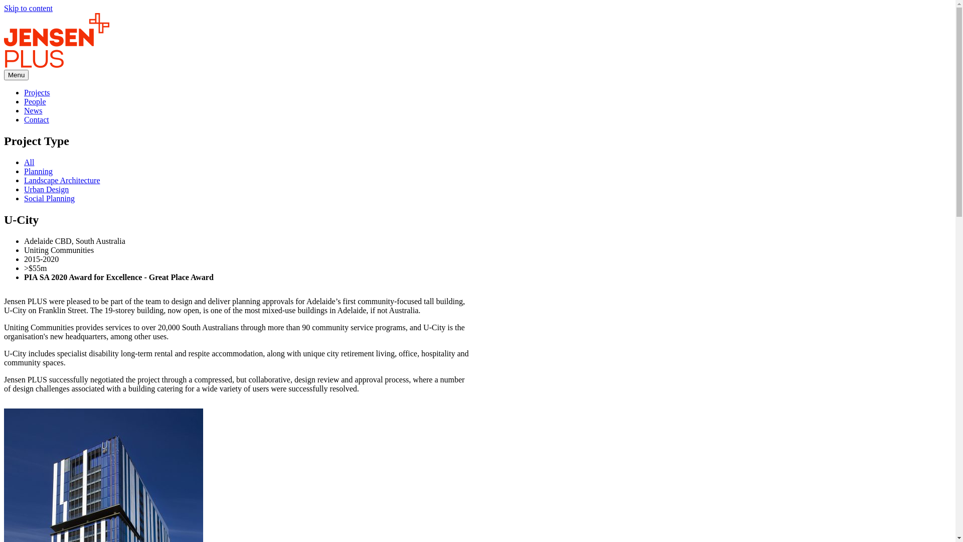 The image size is (963, 542). Describe the element at coordinates (56, 40) in the screenshot. I see `'Jensen Plus'` at that location.